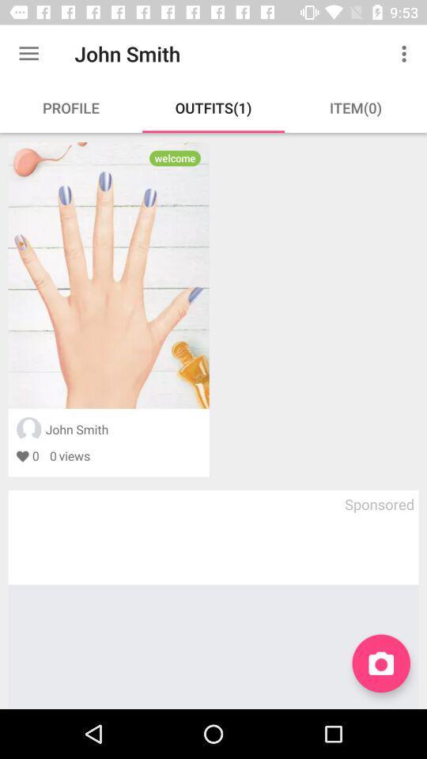 The width and height of the screenshot is (427, 759). Describe the element at coordinates (380, 663) in the screenshot. I see `the photo icon` at that location.